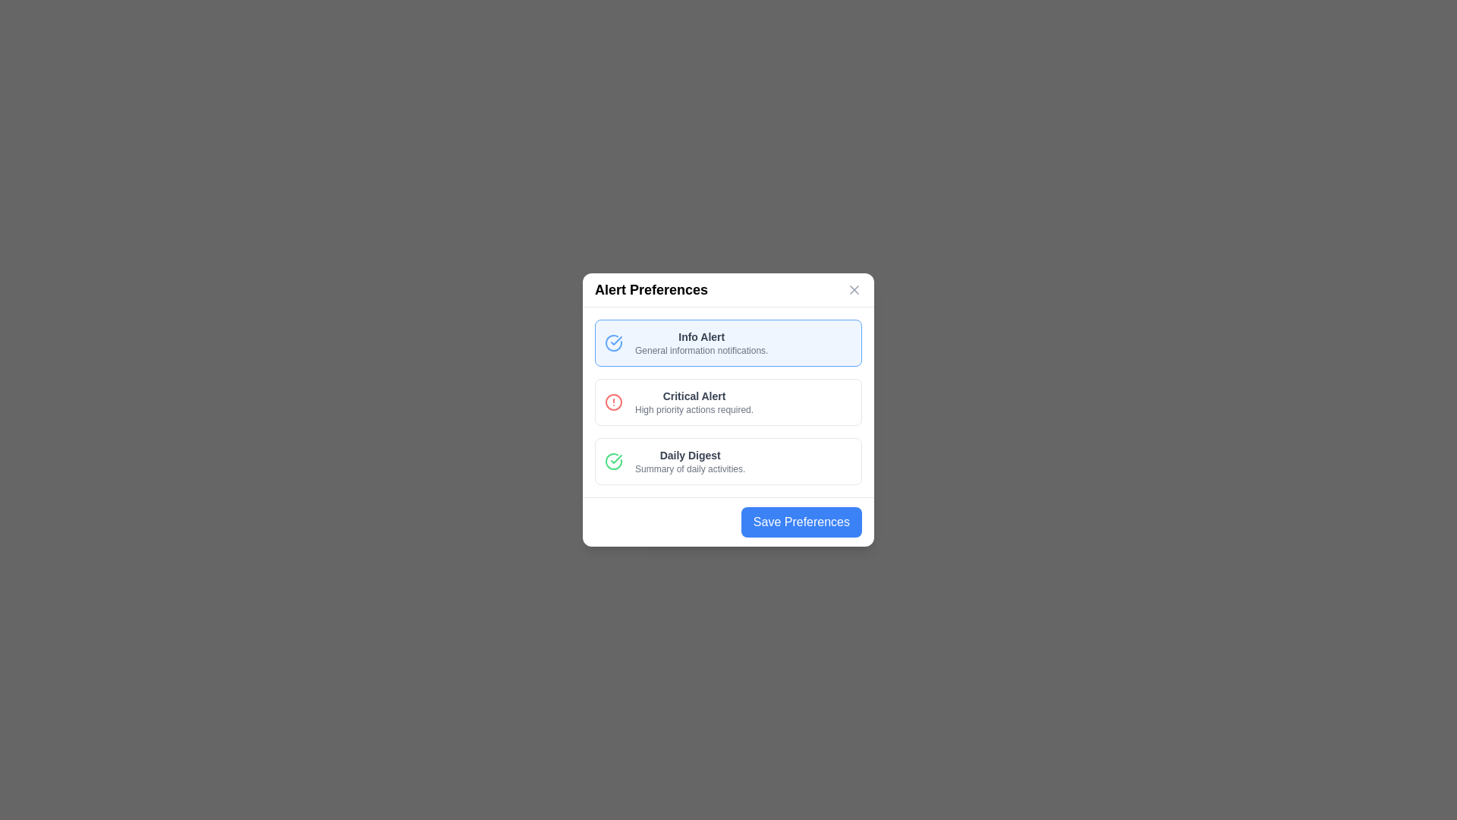 This screenshot has height=820, width=1457. Describe the element at coordinates (728, 342) in the screenshot. I see `the alert option Info Alert from the list` at that location.